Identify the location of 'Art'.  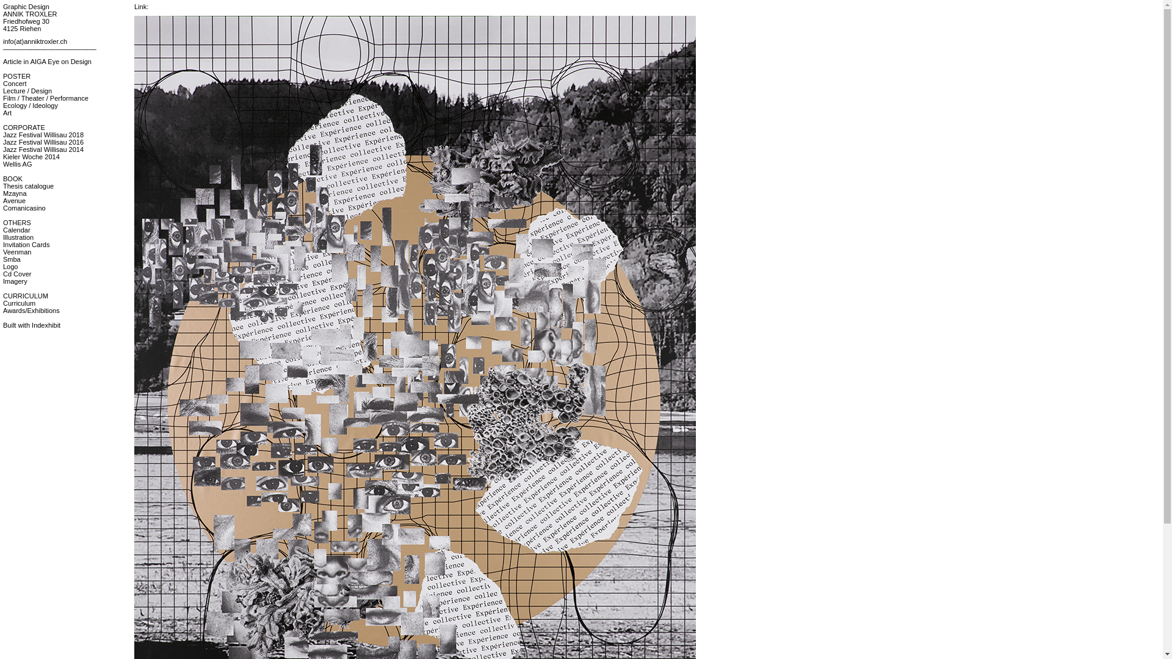
(7, 113).